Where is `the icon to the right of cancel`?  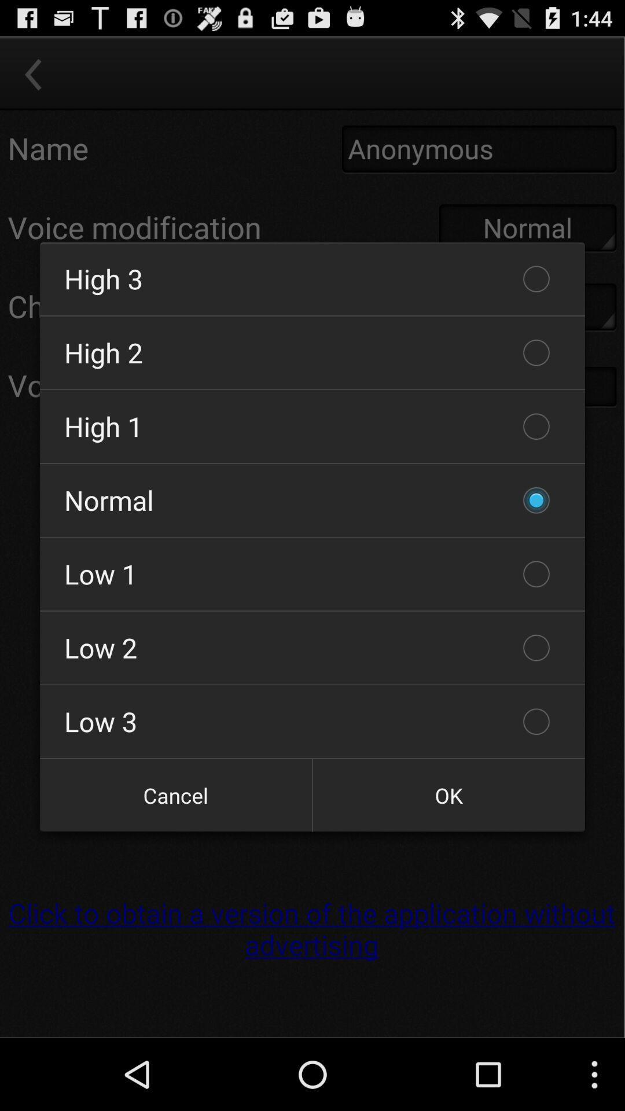
the icon to the right of cancel is located at coordinates (448, 794).